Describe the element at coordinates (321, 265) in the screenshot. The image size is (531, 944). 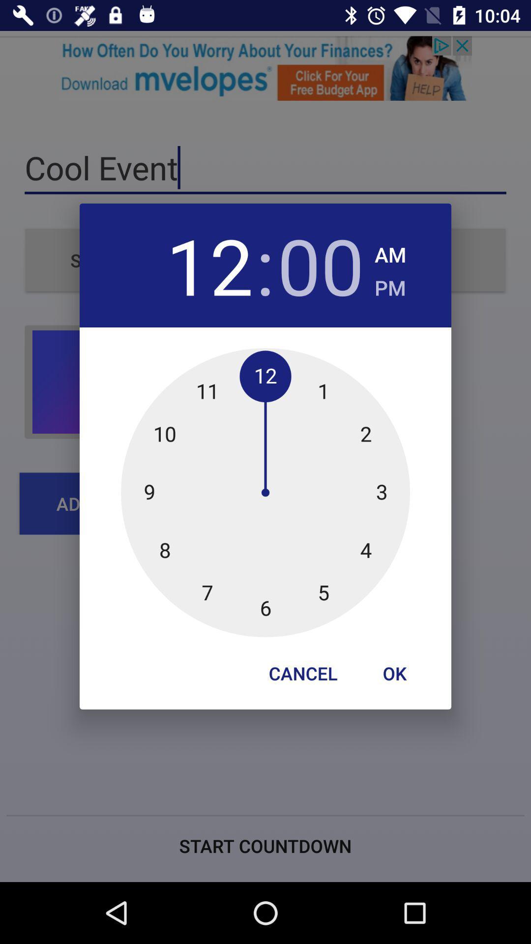
I see `the 00 item` at that location.